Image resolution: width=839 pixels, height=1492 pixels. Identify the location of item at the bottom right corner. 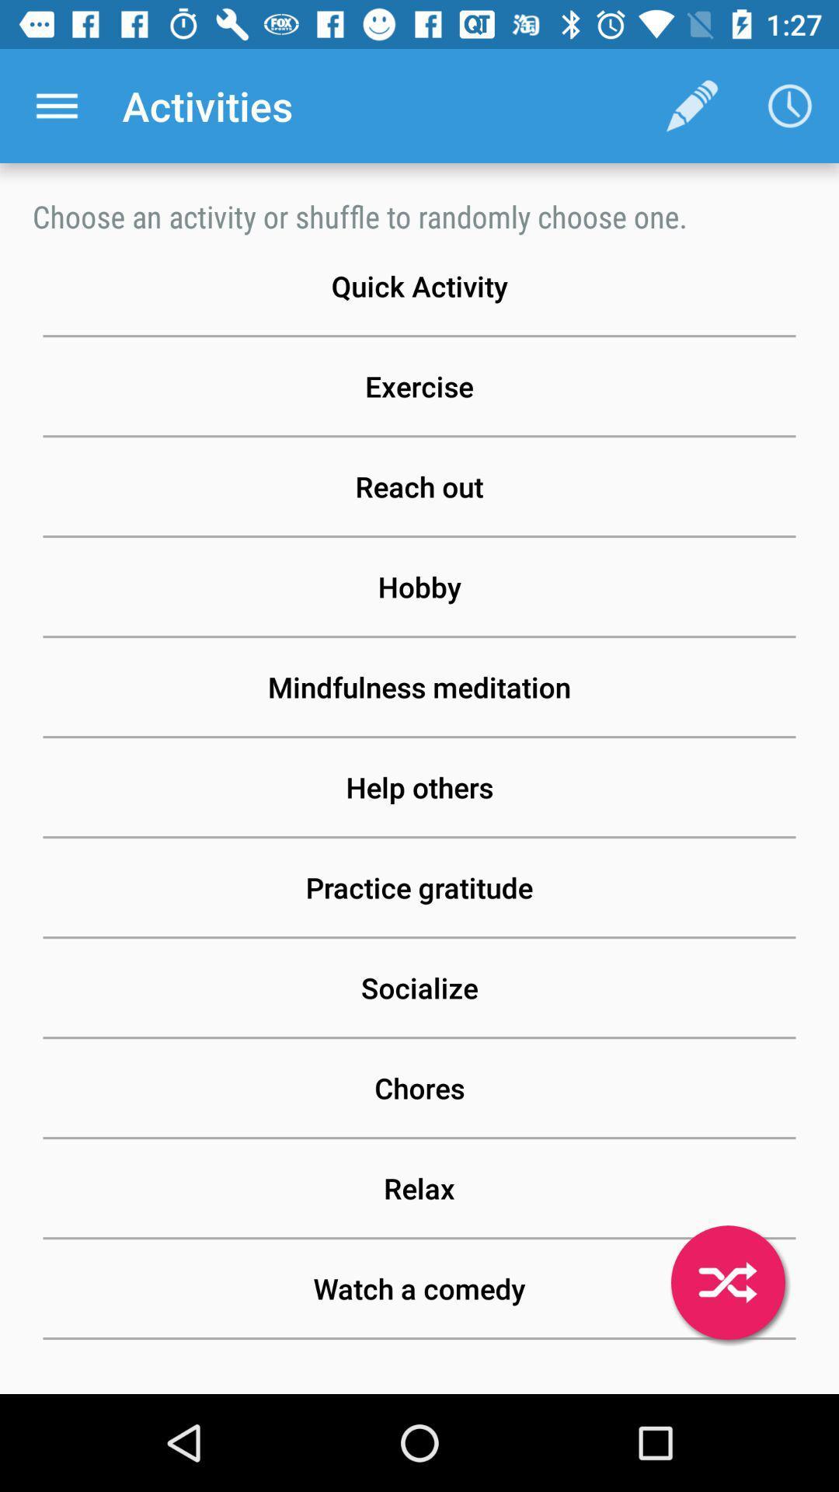
(728, 1282).